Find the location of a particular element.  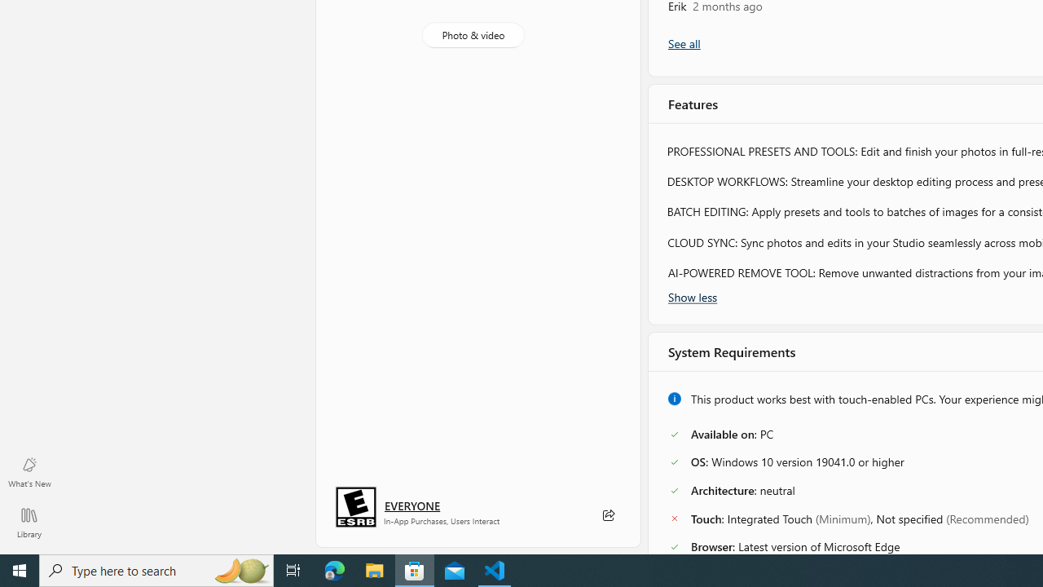

'Age rating: EVERYONE. Click for more information.' is located at coordinates (412, 504).